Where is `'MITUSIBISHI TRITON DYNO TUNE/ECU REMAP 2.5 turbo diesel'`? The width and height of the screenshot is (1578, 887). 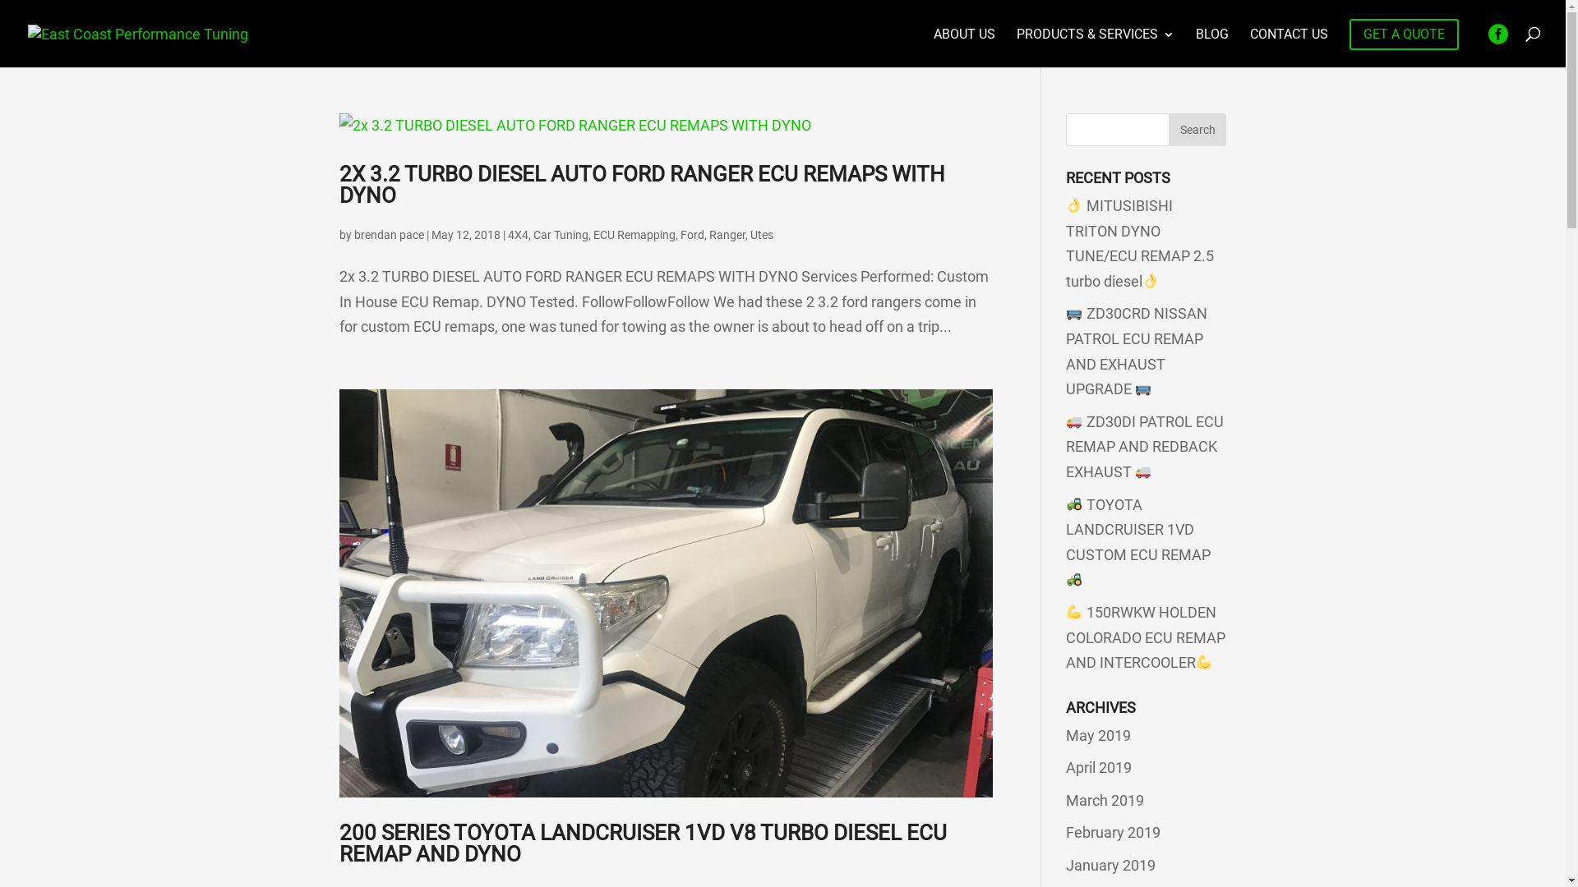
'MITUSIBISHI TRITON DYNO TUNE/ECU REMAP 2.5 turbo diesel' is located at coordinates (1139, 243).